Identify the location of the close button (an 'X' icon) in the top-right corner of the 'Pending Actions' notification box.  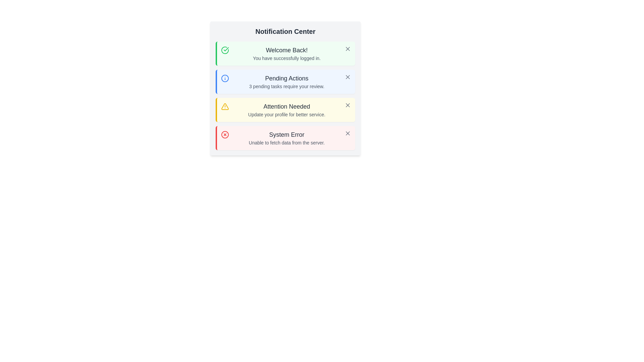
(347, 77).